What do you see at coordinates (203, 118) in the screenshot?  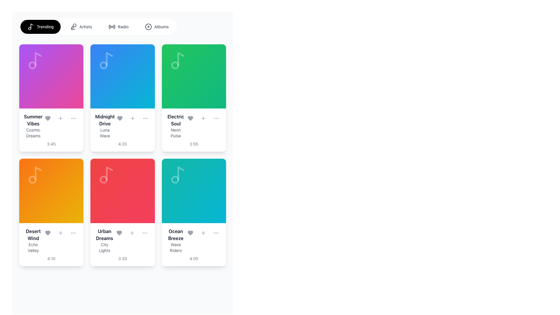 I see `the '+' icon button located in the top-right corner of the 'Electric Soul' card` at bounding box center [203, 118].